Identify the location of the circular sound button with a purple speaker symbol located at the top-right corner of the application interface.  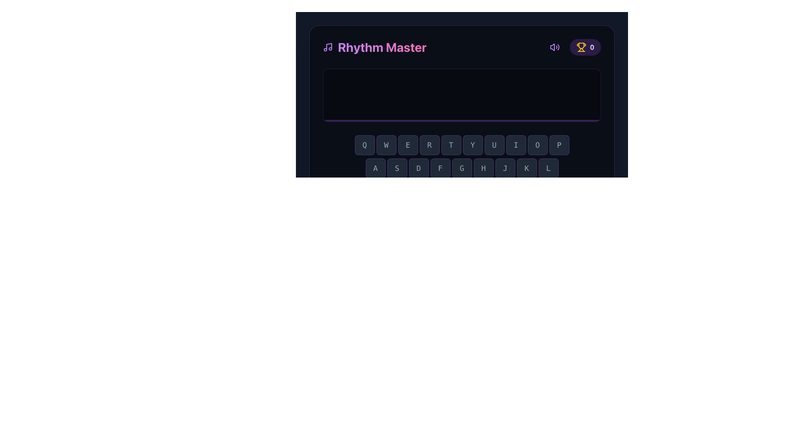
(555, 47).